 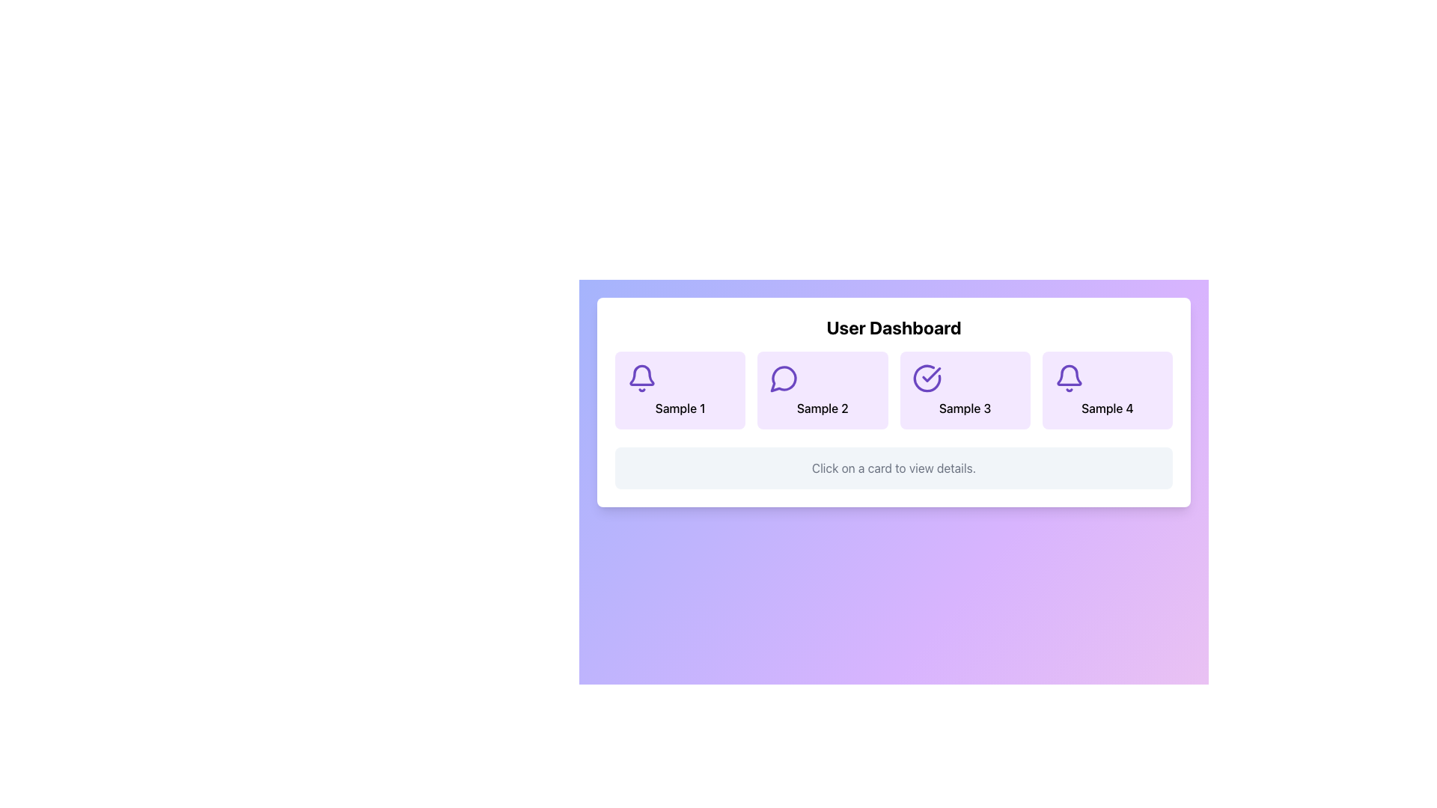 What do you see at coordinates (1107, 389) in the screenshot?
I see `the interactive card labeled 'Sample 4' in the bottom right of the User Dashboard` at bounding box center [1107, 389].